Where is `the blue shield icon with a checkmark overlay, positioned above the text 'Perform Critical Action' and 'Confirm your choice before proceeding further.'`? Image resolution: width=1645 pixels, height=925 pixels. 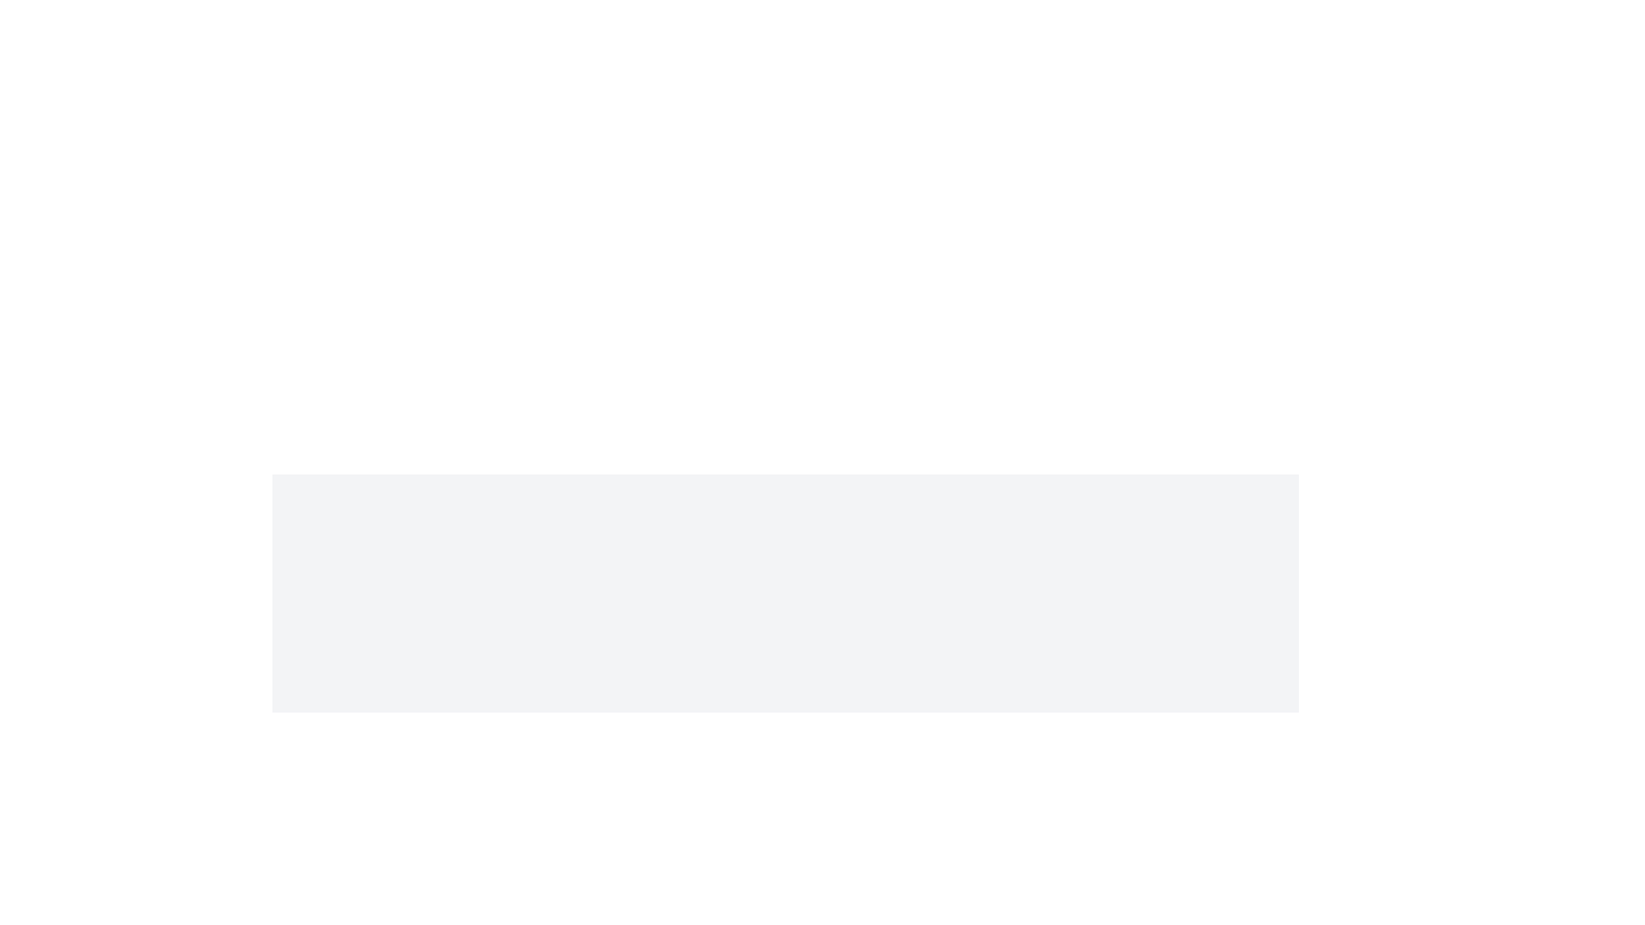
the blue shield icon with a checkmark overlay, positioned above the text 'Perform Critical Action' and 'Confirm your choice before proceeding further.' is located at coordinates (784, 886).